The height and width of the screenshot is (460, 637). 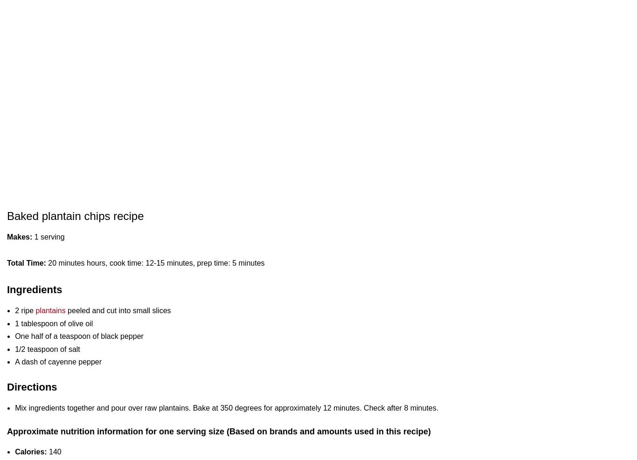 I want to click on 'plantains', so click(x=35, y=310).